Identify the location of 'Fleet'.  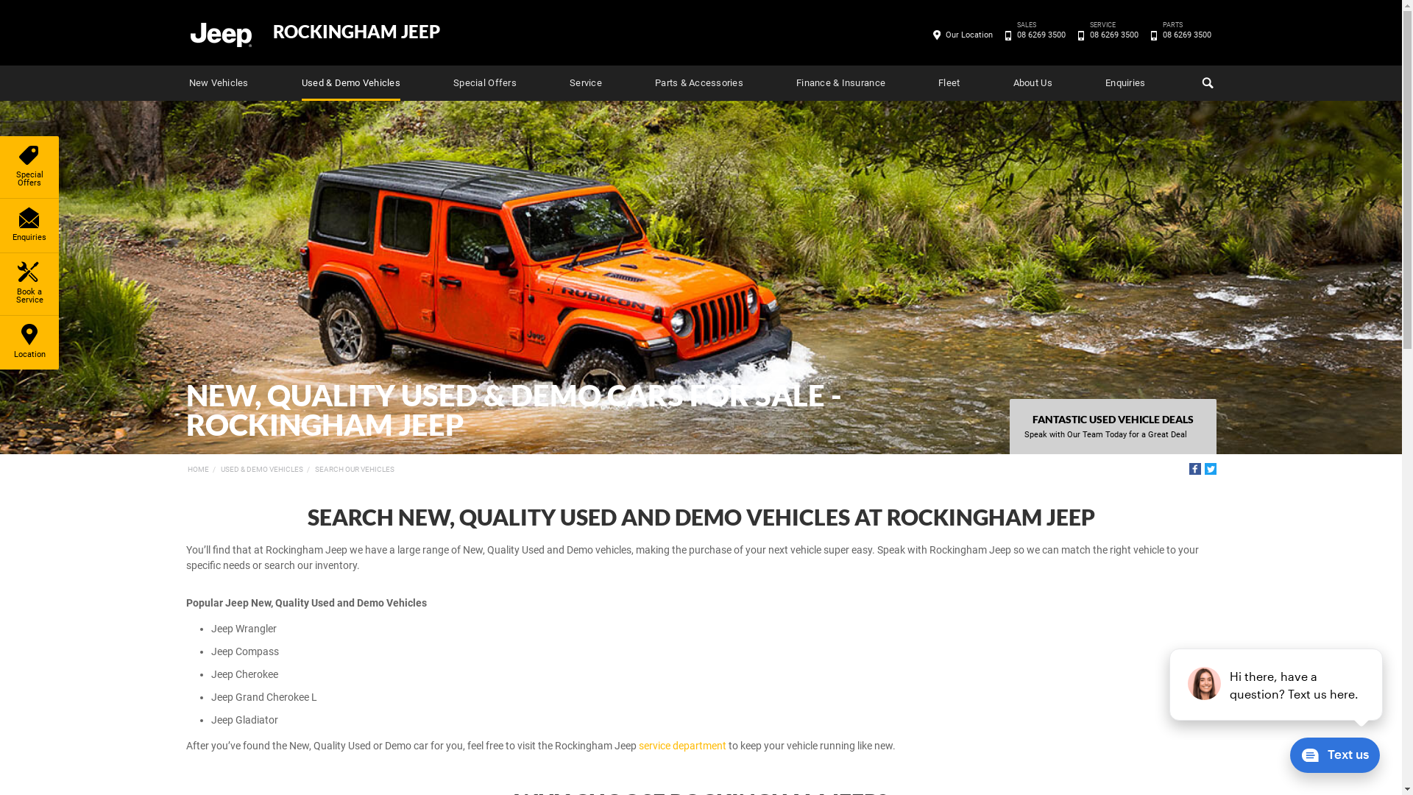
(949, 82).